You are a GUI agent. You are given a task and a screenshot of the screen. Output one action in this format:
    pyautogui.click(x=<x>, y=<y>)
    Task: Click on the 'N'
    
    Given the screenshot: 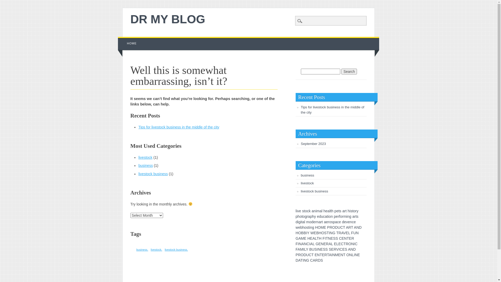 What is the action you would take?
    pyautogui.click(x=357, y=232)
    